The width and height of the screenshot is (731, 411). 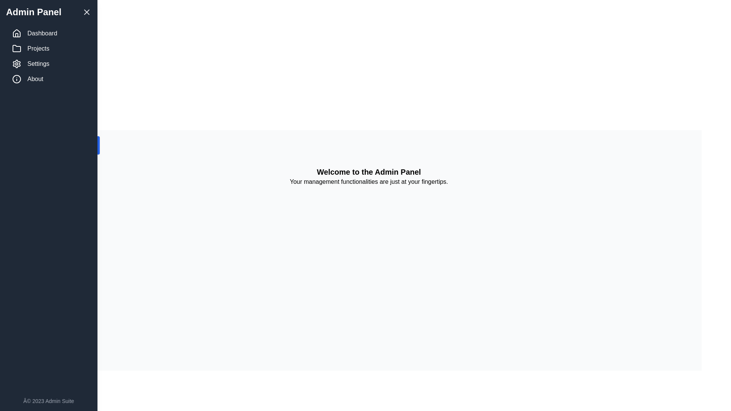 What do you see at coordinates (16, 33) in the screenshot?
I see `the stylized house icon located in the left sidebar under the 'Dashboard' menu item` at bounding box center [16, 33].